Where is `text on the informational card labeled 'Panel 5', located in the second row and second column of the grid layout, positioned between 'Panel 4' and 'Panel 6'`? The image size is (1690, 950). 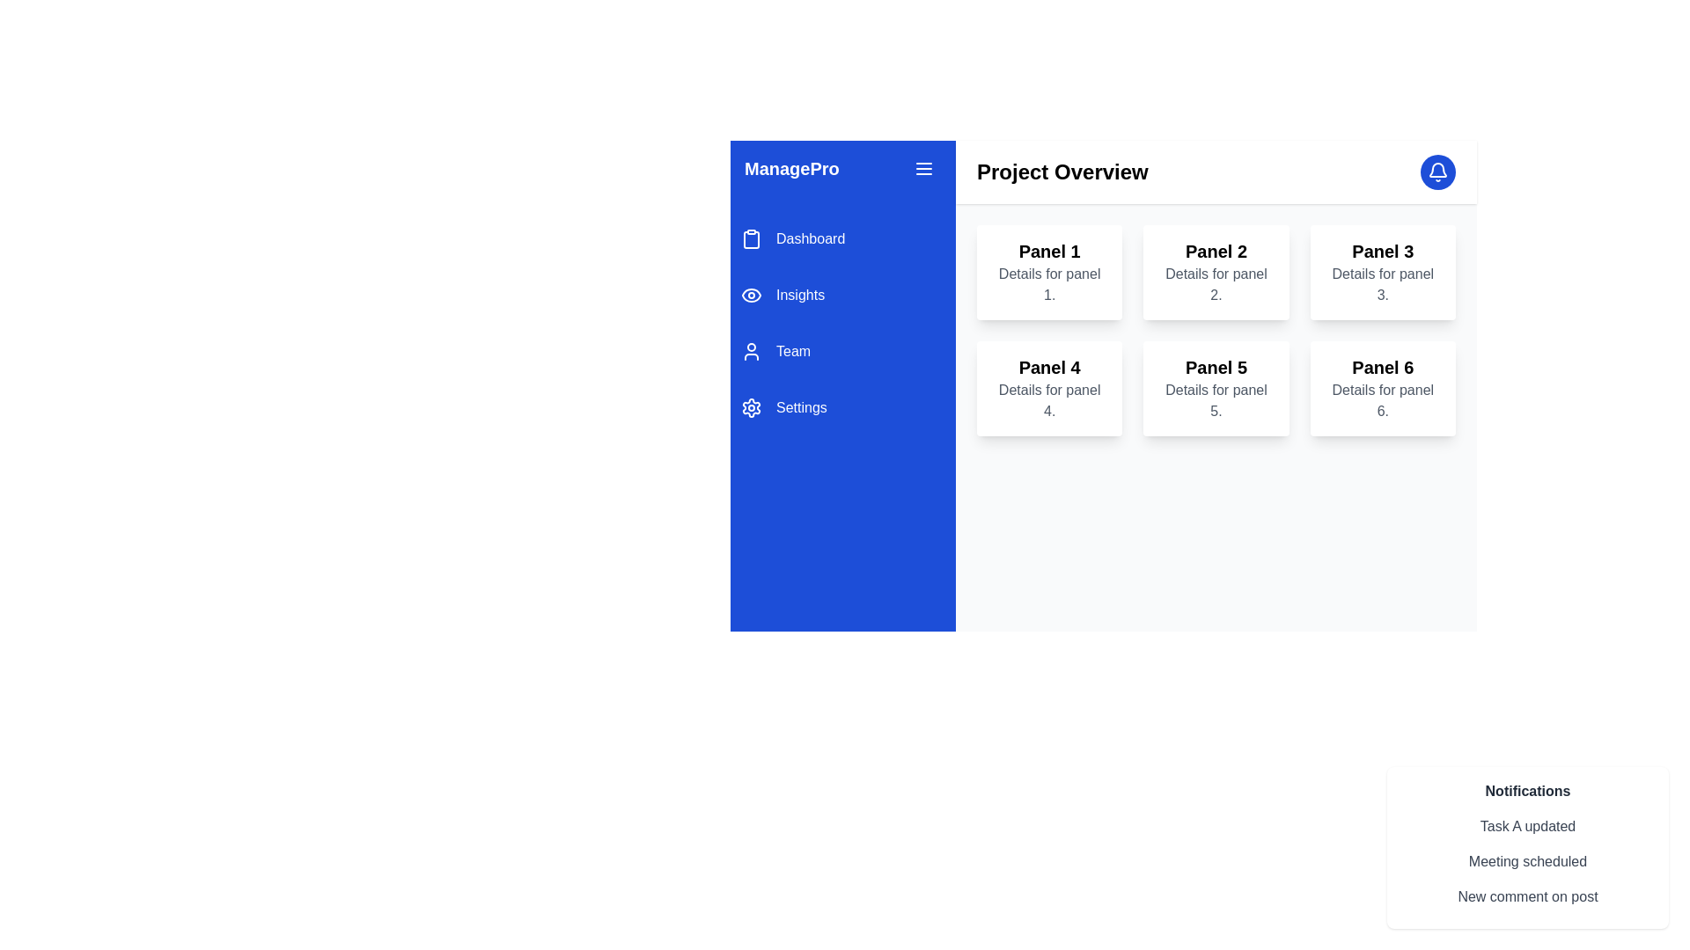 text on the informational card labeled 'Panel 5', located in the second row and second column of the grid layout, positioned between 'Panel 4' and 'Panel 6' is located at coordinates (1216, 388).